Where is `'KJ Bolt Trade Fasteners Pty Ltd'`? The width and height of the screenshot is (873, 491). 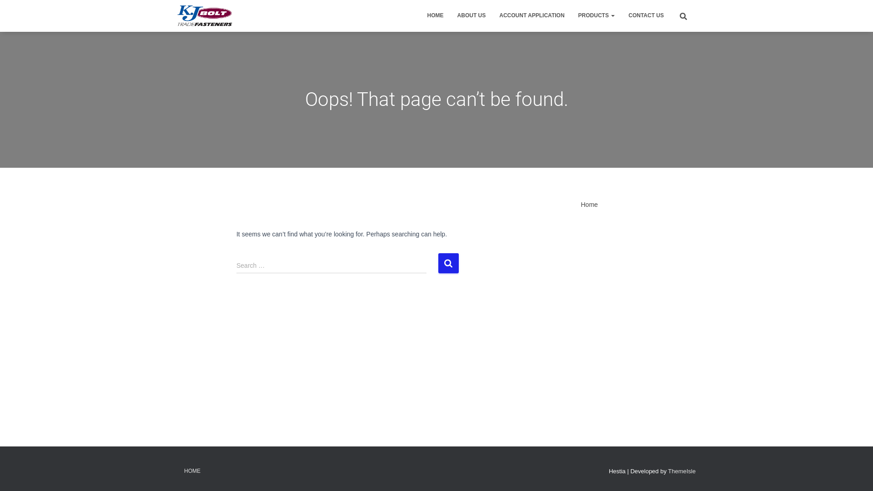
'KJ Bolt Trade Fasteners Pty Ltd' is located at coordinates (204, 15).